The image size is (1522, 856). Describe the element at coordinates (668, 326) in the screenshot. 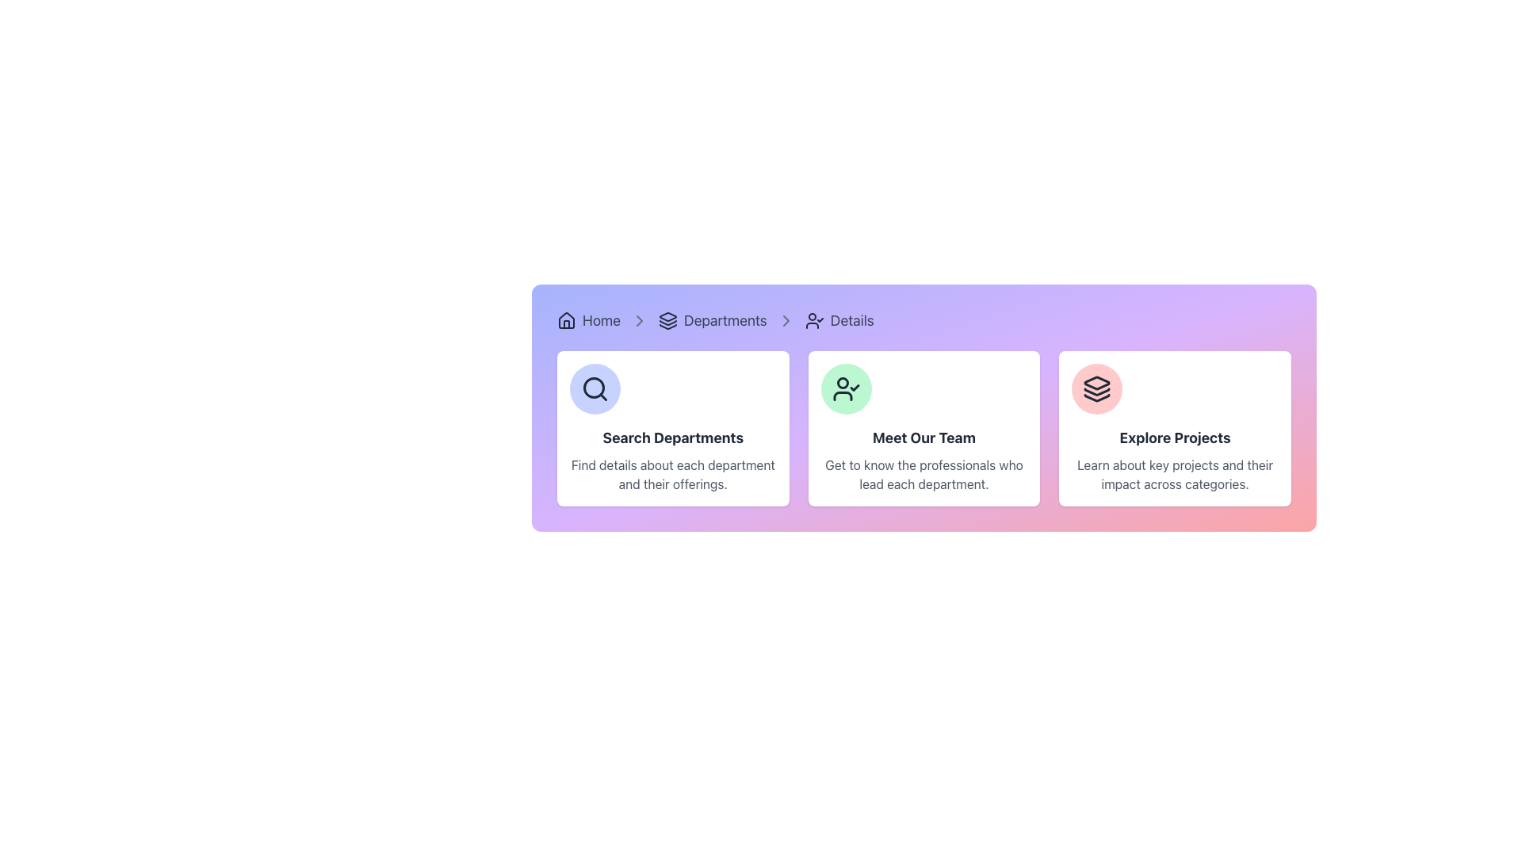

I see `the third and bottom segment of the stacked icon in the navigation trail under the 'Departments' breadcrumb, which represents categories` at that location.